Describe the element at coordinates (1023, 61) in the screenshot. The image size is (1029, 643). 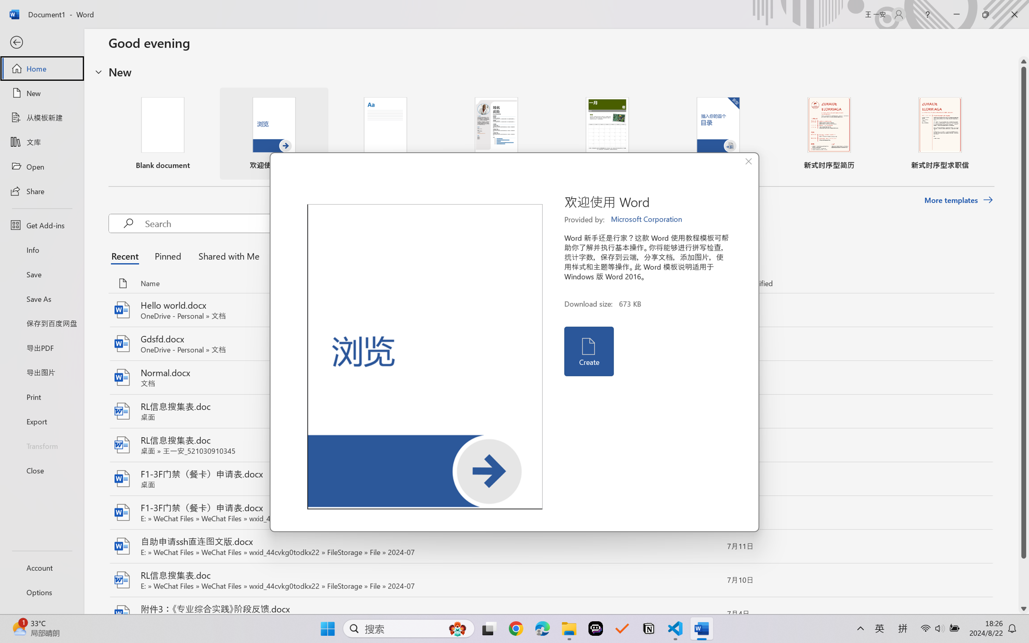
I see `'Line up'` at that location.